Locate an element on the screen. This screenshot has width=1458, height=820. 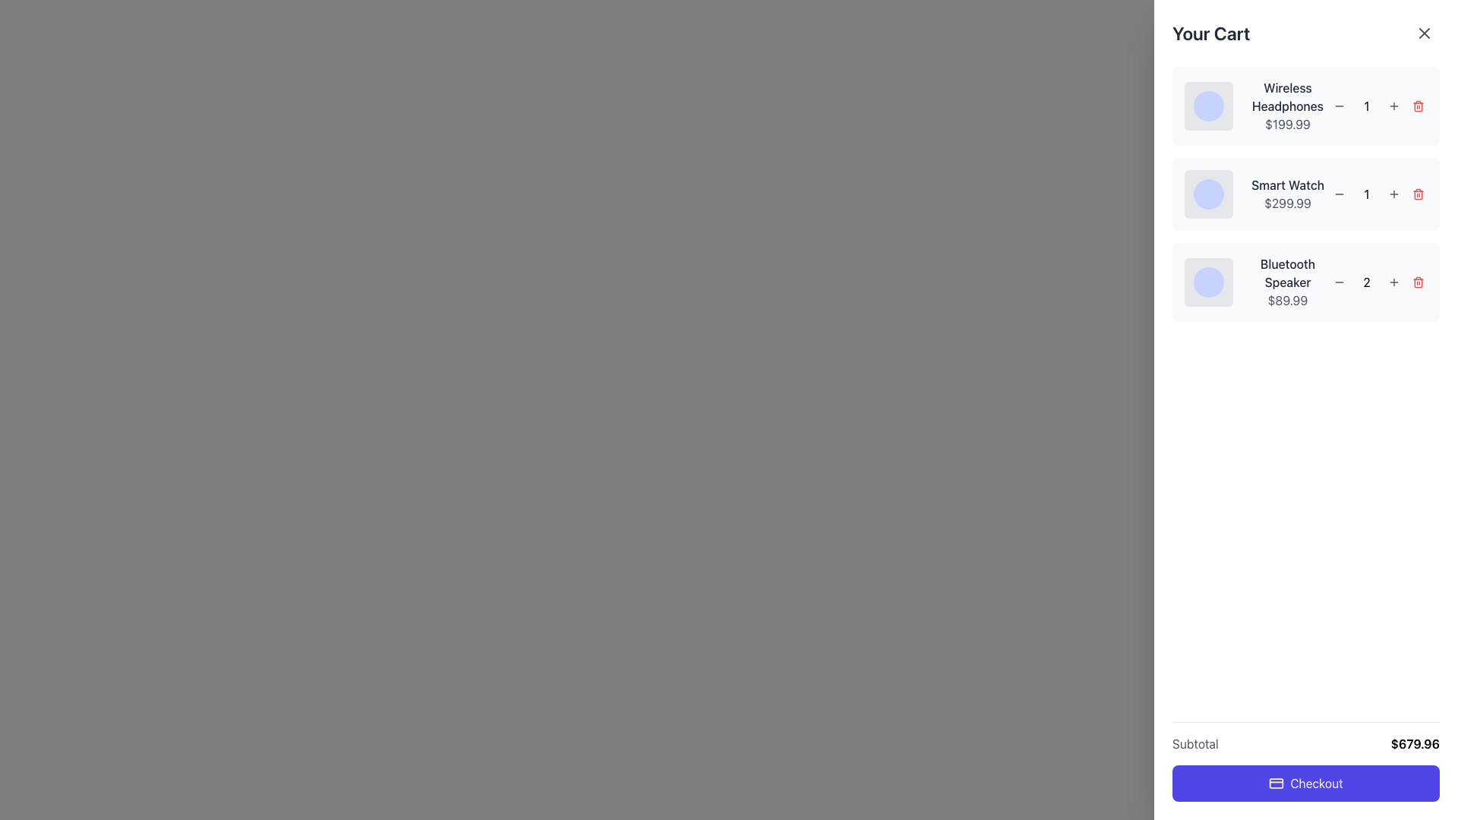
the round button with a plus icon located to the right of the numeric label '1' in the second item of the 'Your Cart' section to increment the item quantity is located at coordinates (1394, 193).